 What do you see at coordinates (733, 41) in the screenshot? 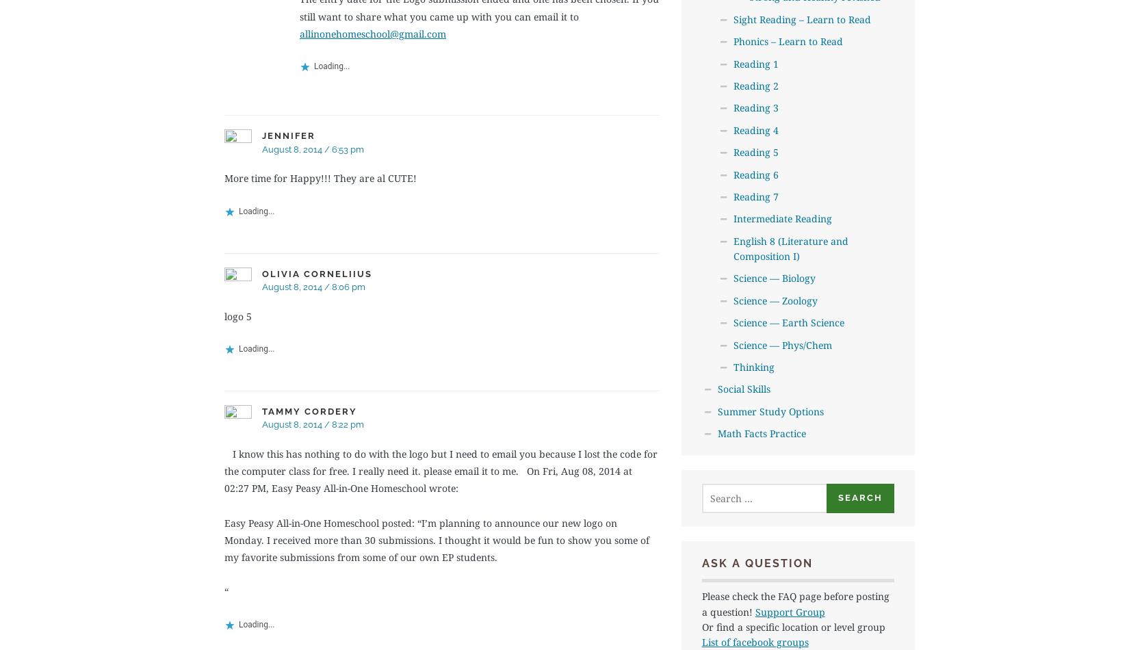
I see `'Phonics – Learn to Read'` at bounding box center [733, 41].